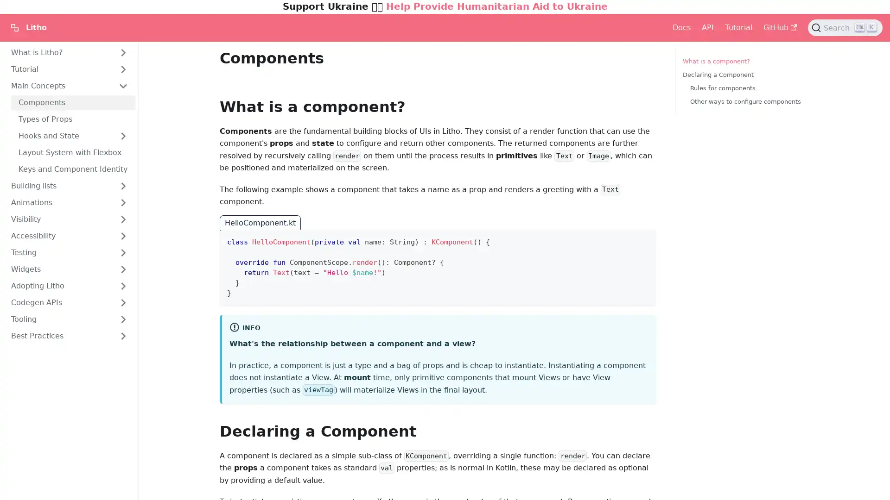  Describe the element at coordinates (641, 238) in the screenshot. I see `Copy code to clipboard` at that location.